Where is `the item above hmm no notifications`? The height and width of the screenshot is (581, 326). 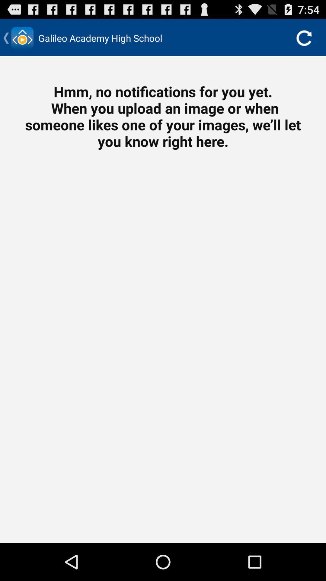
the item above hmm no notifications is located at coordinates (304, 38).